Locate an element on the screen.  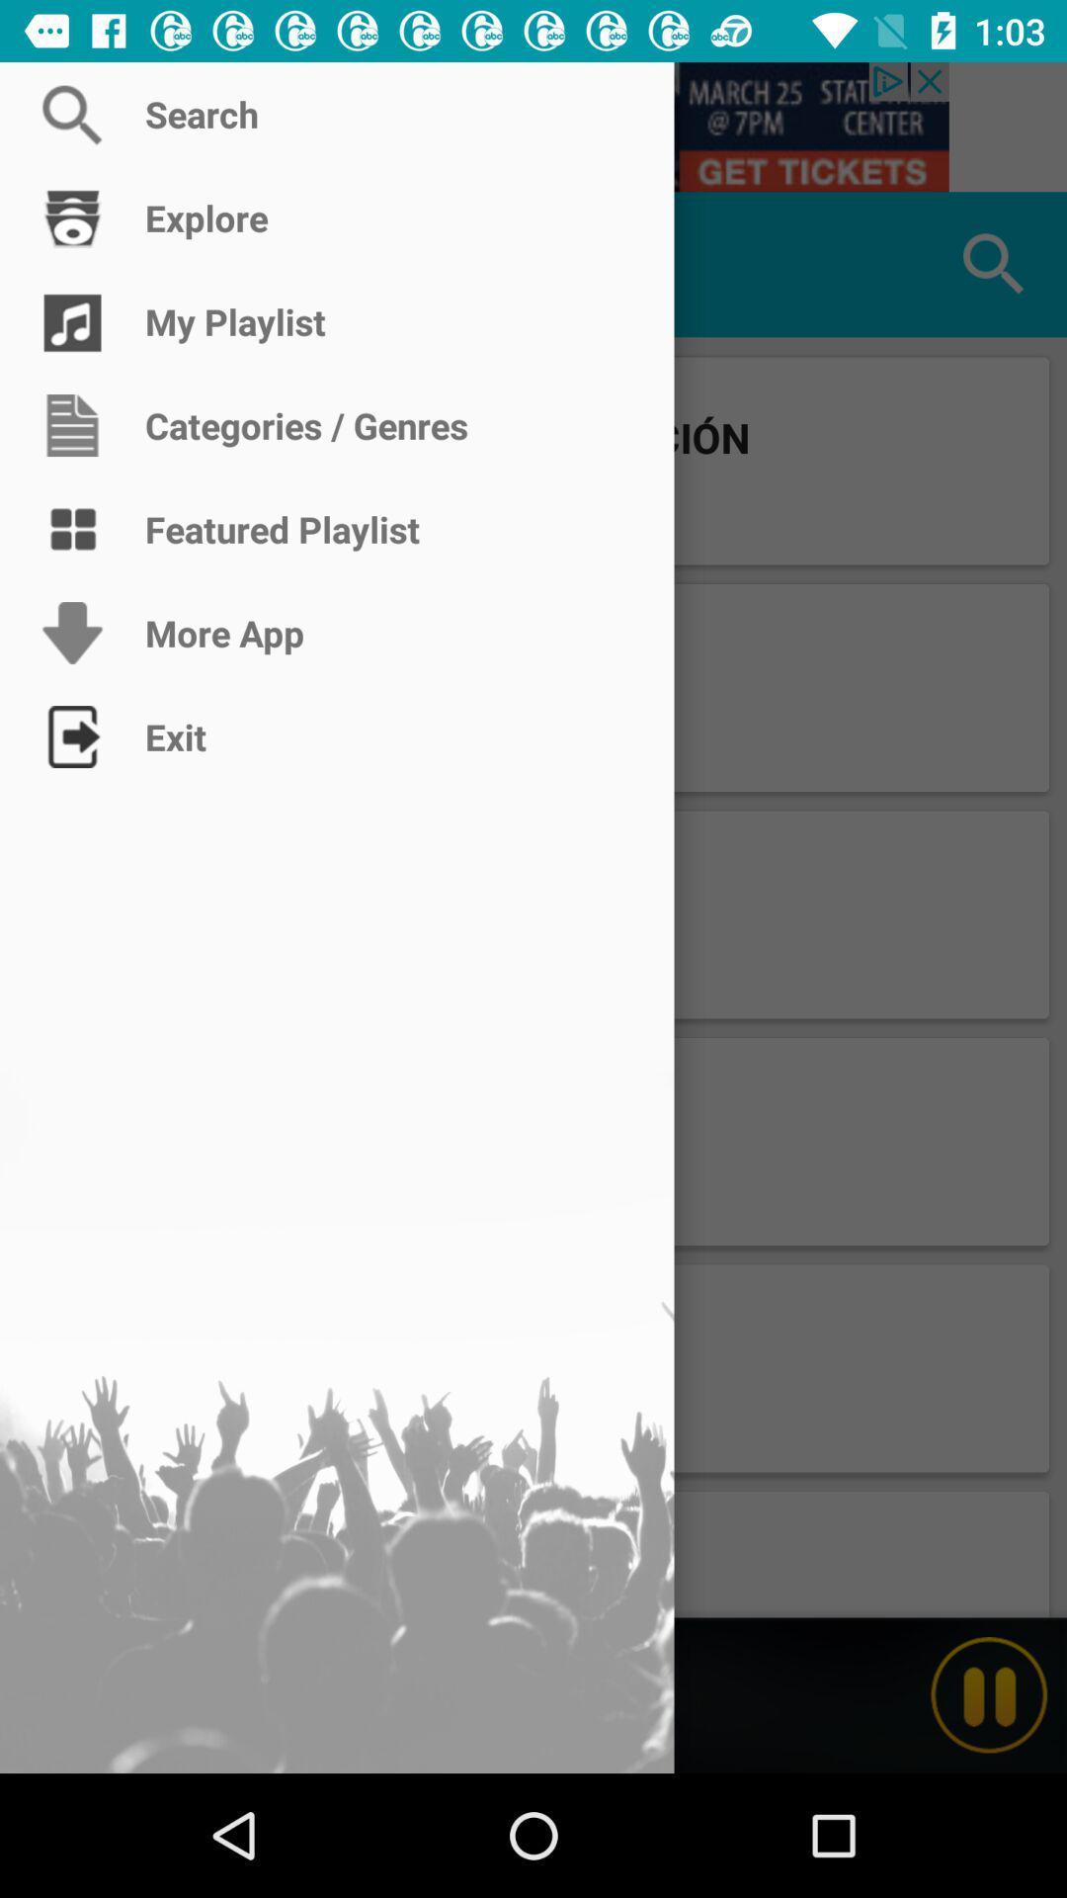
pause playback is located at coordinates (989, 1694).